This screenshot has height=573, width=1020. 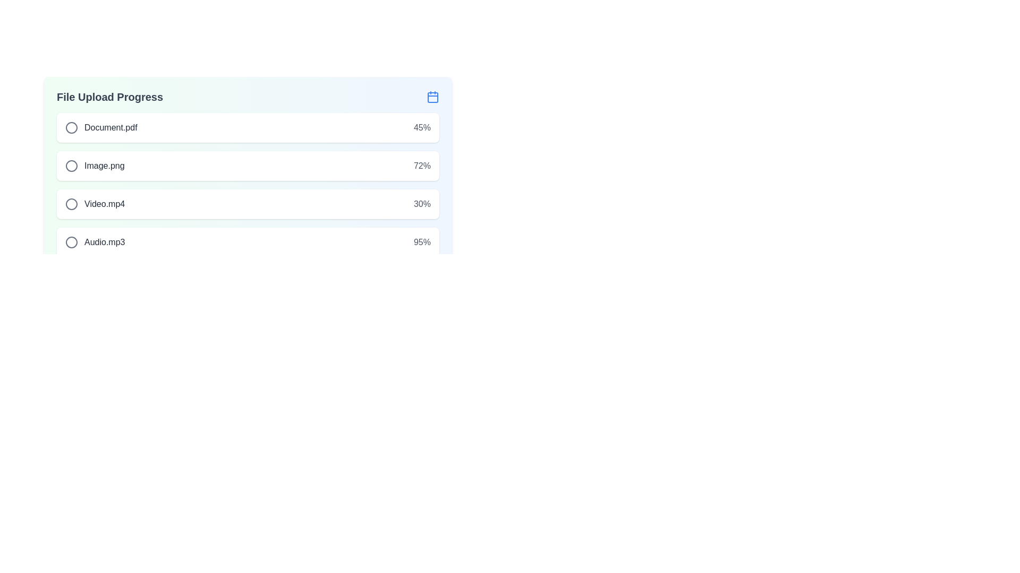 What do you see at coordinates (105, 204) in the screenshot?
I see `the text label identifying the file 'Video.mp4', which is the third item in a vertical list of progress labels, positioned between 'Image.png' and 'Audio.mp3'` at bounding box center [105, 204].